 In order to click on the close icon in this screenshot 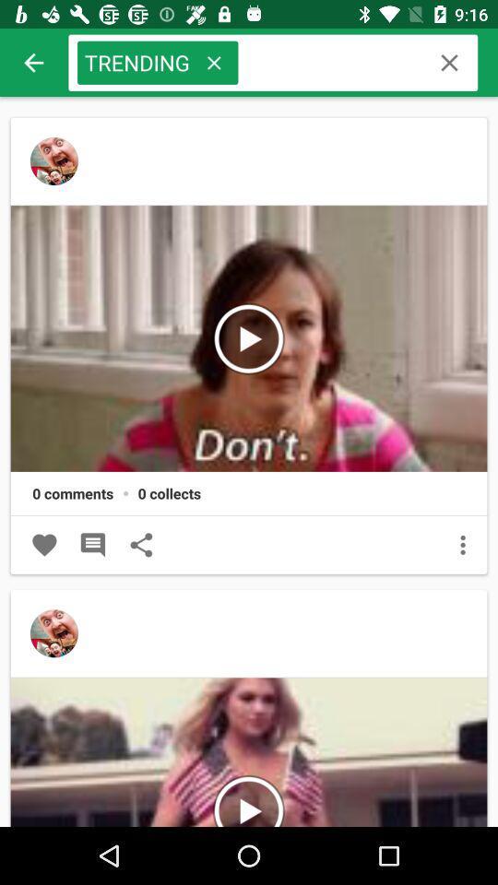, I will do `click(448, 63)`.